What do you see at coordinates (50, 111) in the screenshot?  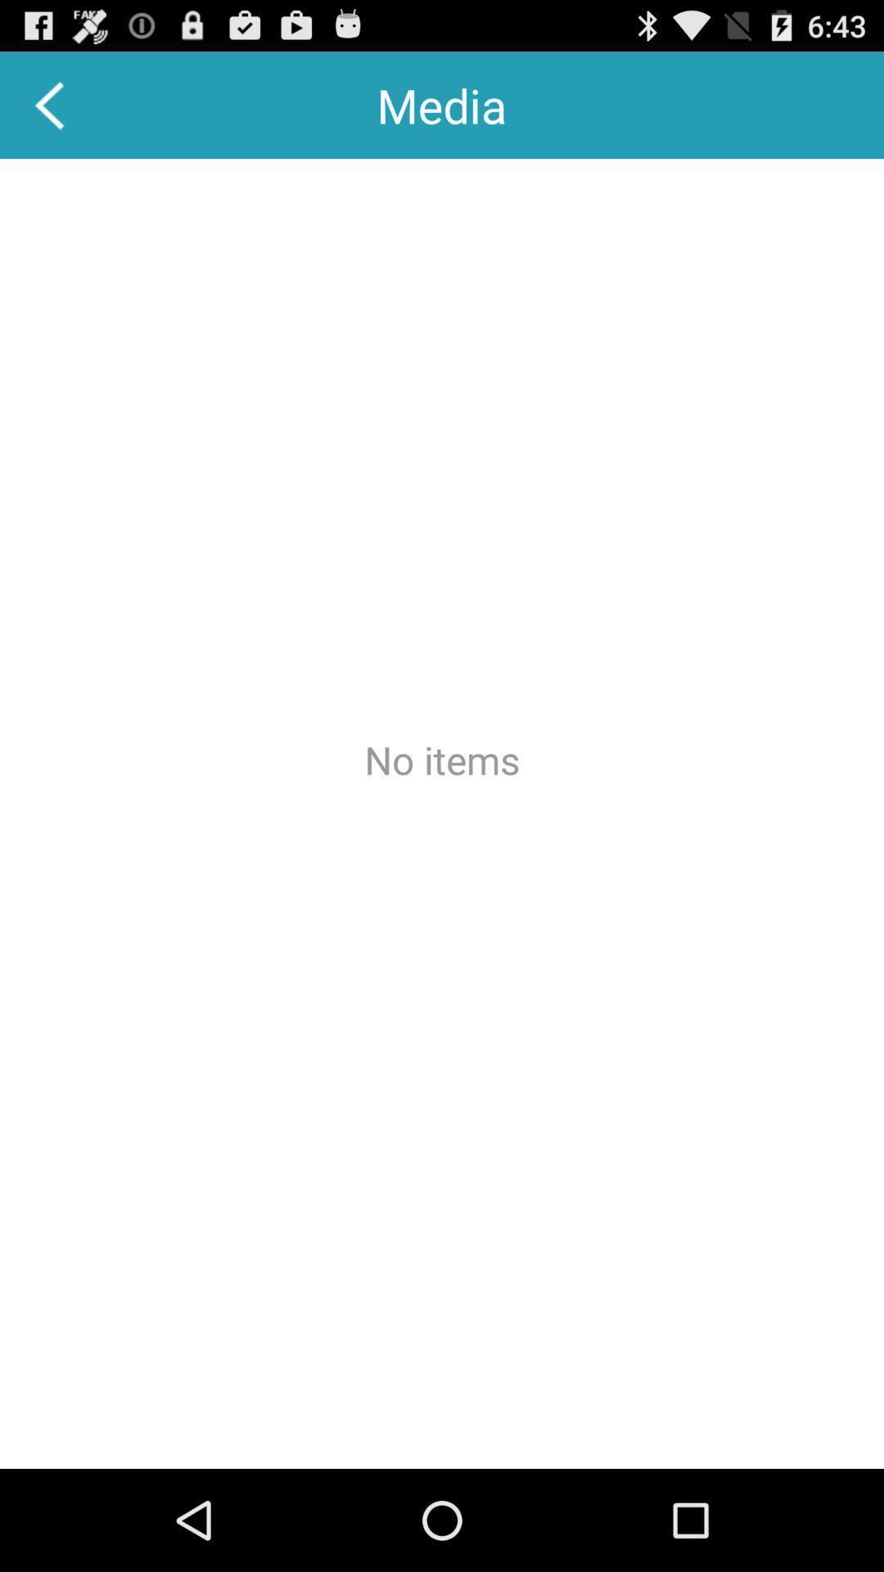 I see `the arrow_backward icon` at bounding box center [50, 111].